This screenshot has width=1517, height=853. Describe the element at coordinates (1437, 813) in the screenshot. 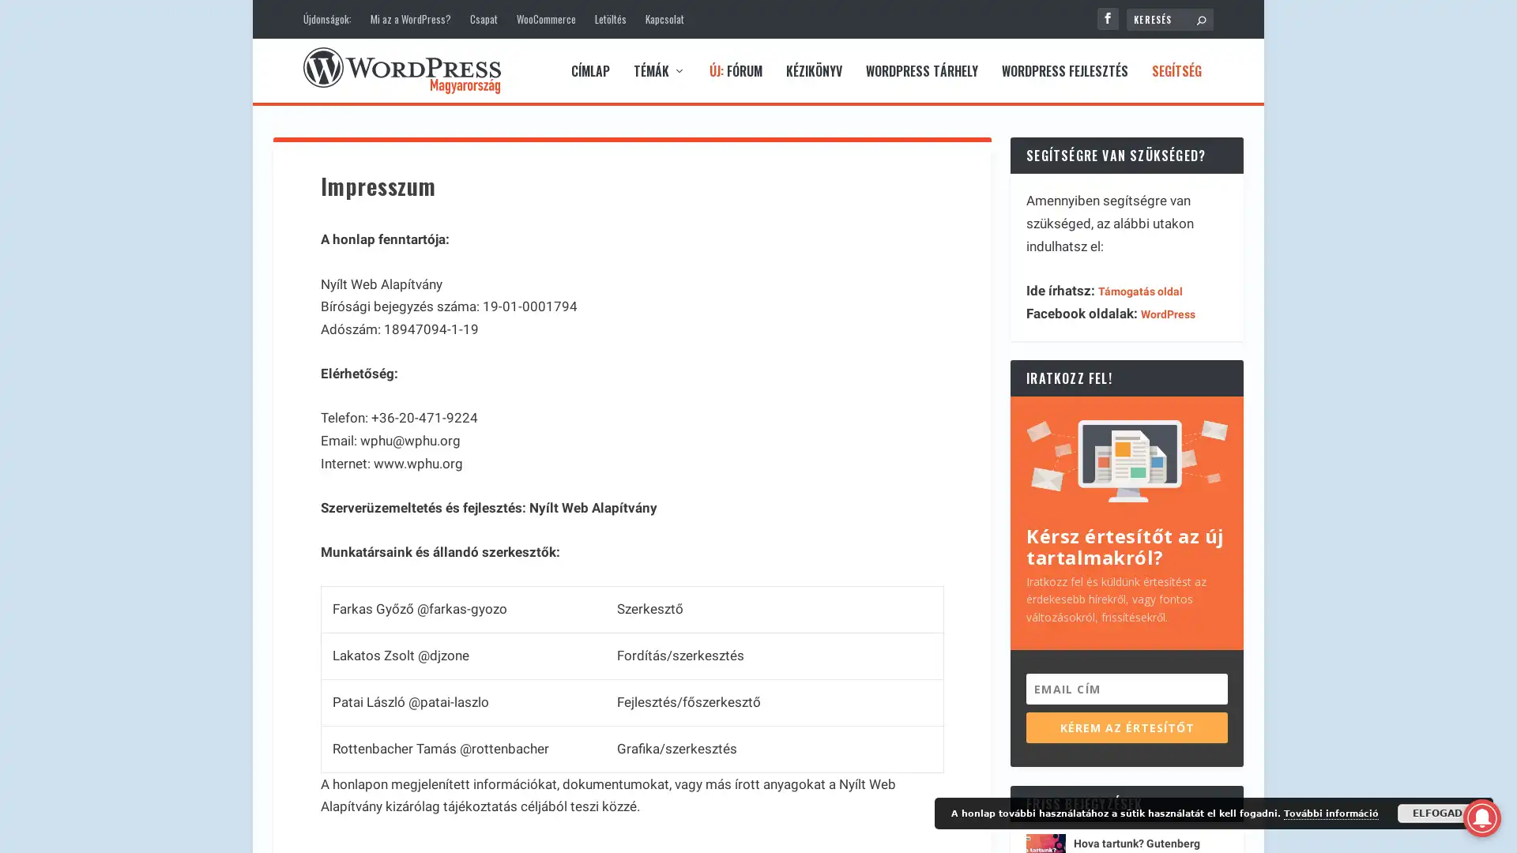

I see `ELFOGAD` at that location.